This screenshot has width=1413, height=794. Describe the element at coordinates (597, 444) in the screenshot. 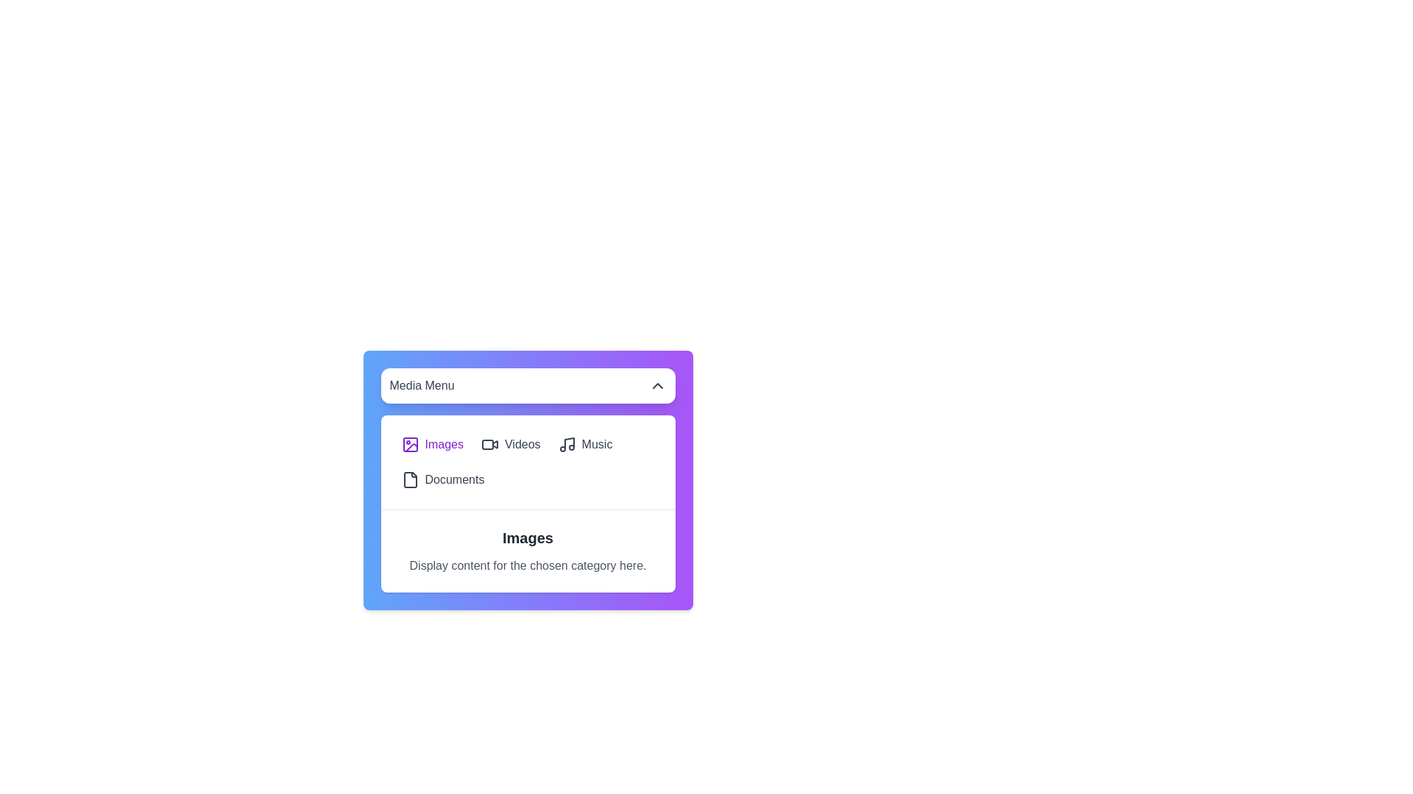

I see `the 'Music' text label in the Media Menu, which is the last item on the right of the selectable categories including 'Images' and 'Videos'` at that location.